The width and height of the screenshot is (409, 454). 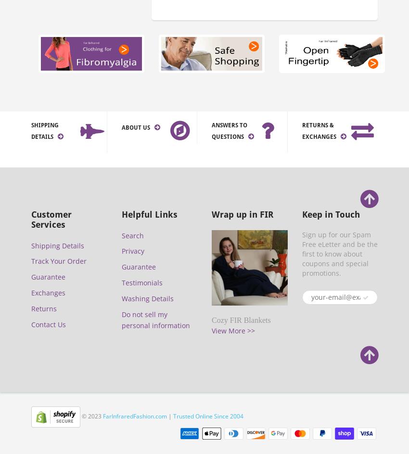 What do you see at coordinates (135, 126) in the screenshot?
I see `'About Us'` at bounding box center [135, 126].